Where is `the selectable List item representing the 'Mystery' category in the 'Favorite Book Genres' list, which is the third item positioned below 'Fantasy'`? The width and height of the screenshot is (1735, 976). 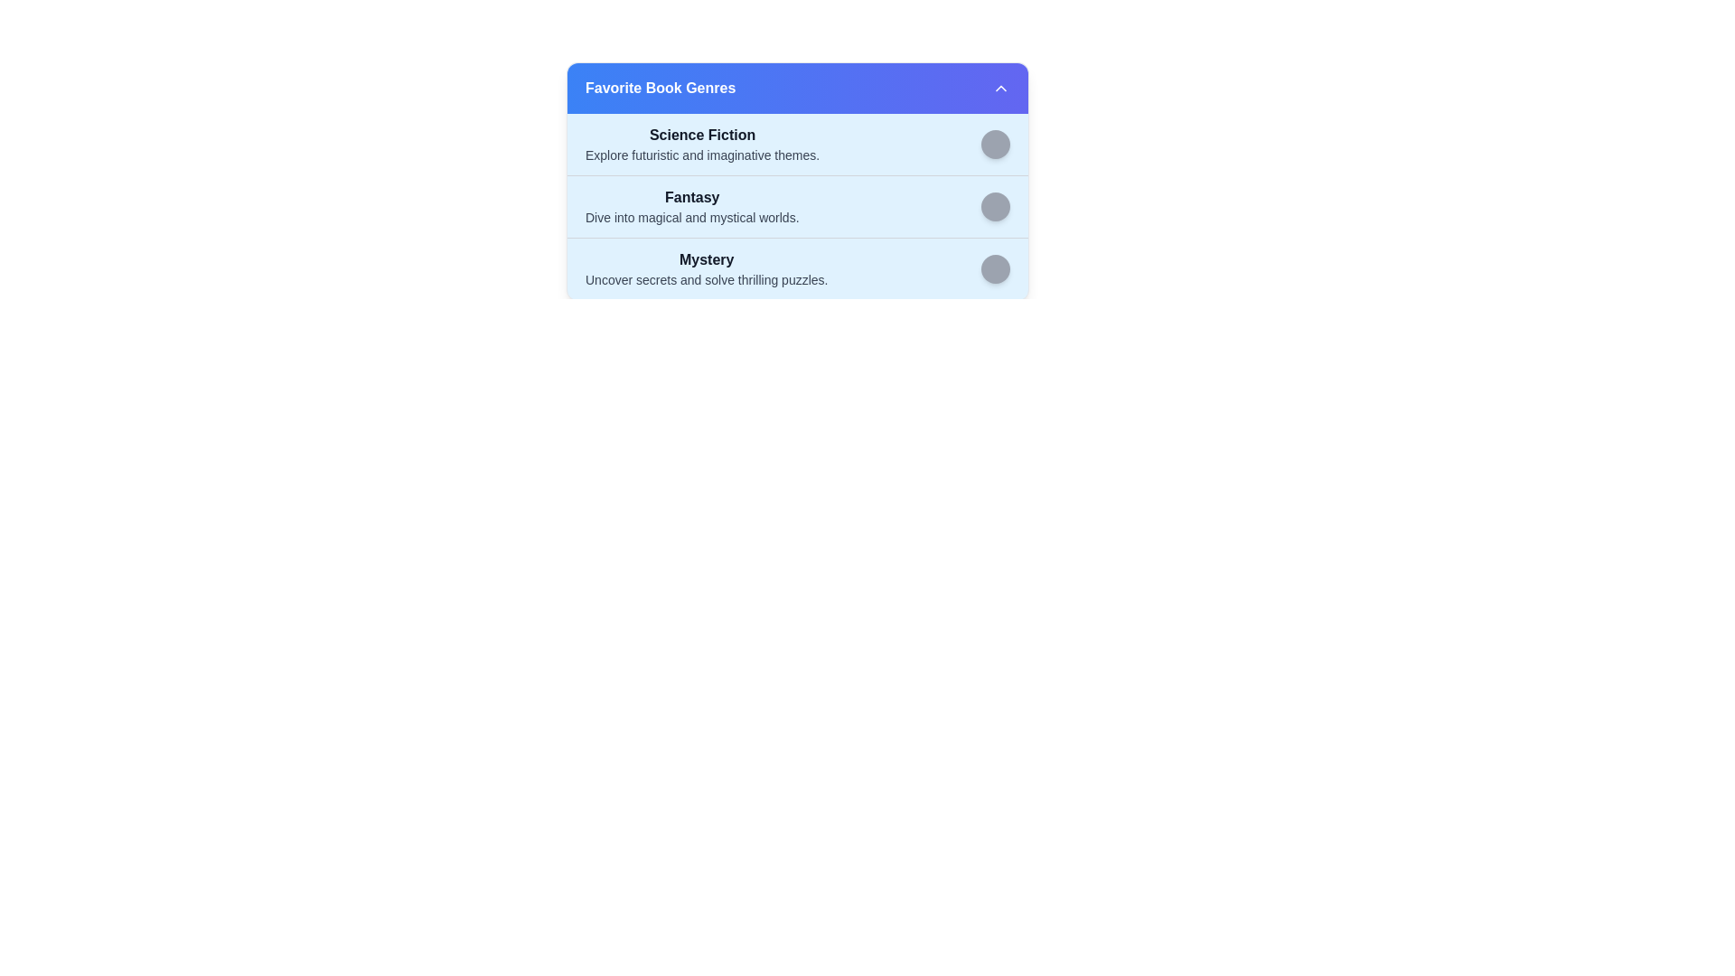
the selectable List item representing the 'Mystery' category in the 'Favorite Book Genres' list, which is the third item positioned below 'Fantasy' is located at coordinates (797, 268).